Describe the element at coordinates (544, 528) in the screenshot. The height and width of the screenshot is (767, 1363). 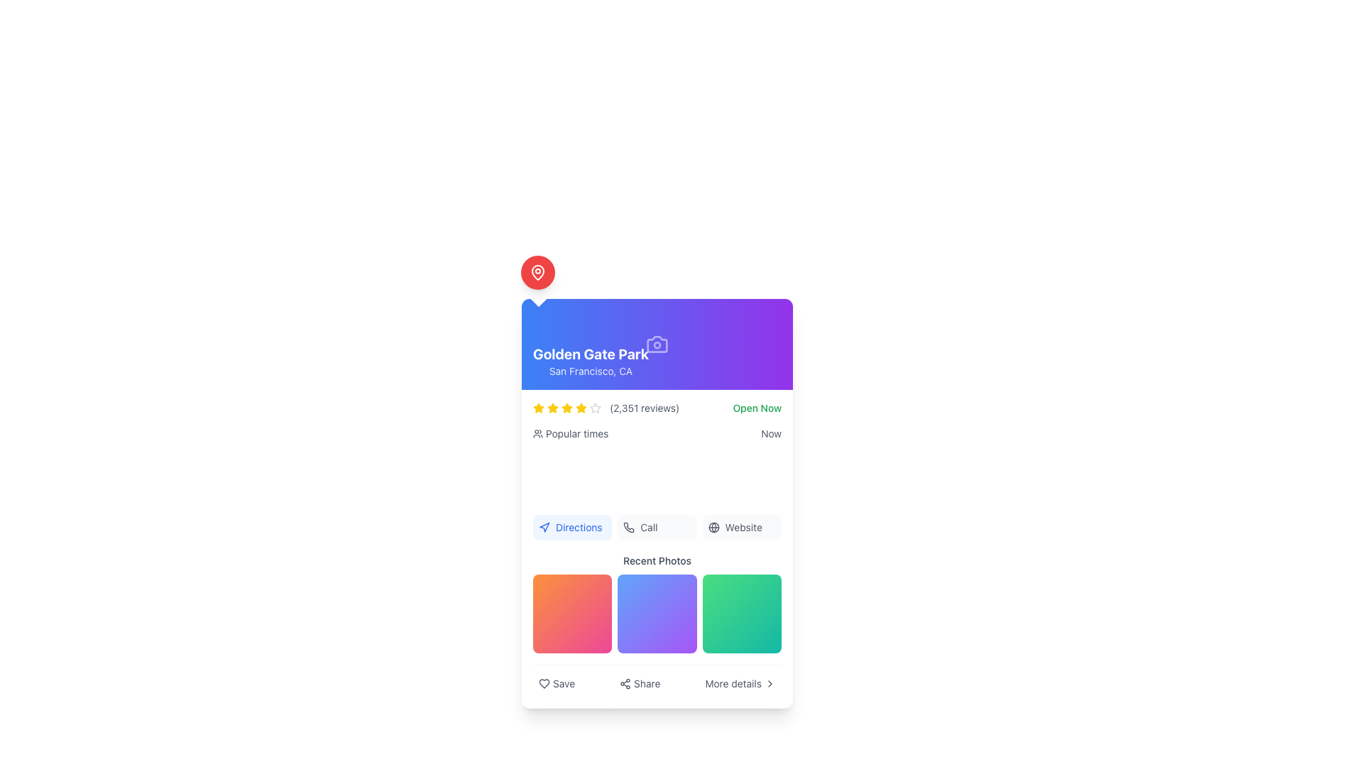
I see `the navigation icon within the 'Directions' button, which is located to the left of the text label inside the button` at that location.